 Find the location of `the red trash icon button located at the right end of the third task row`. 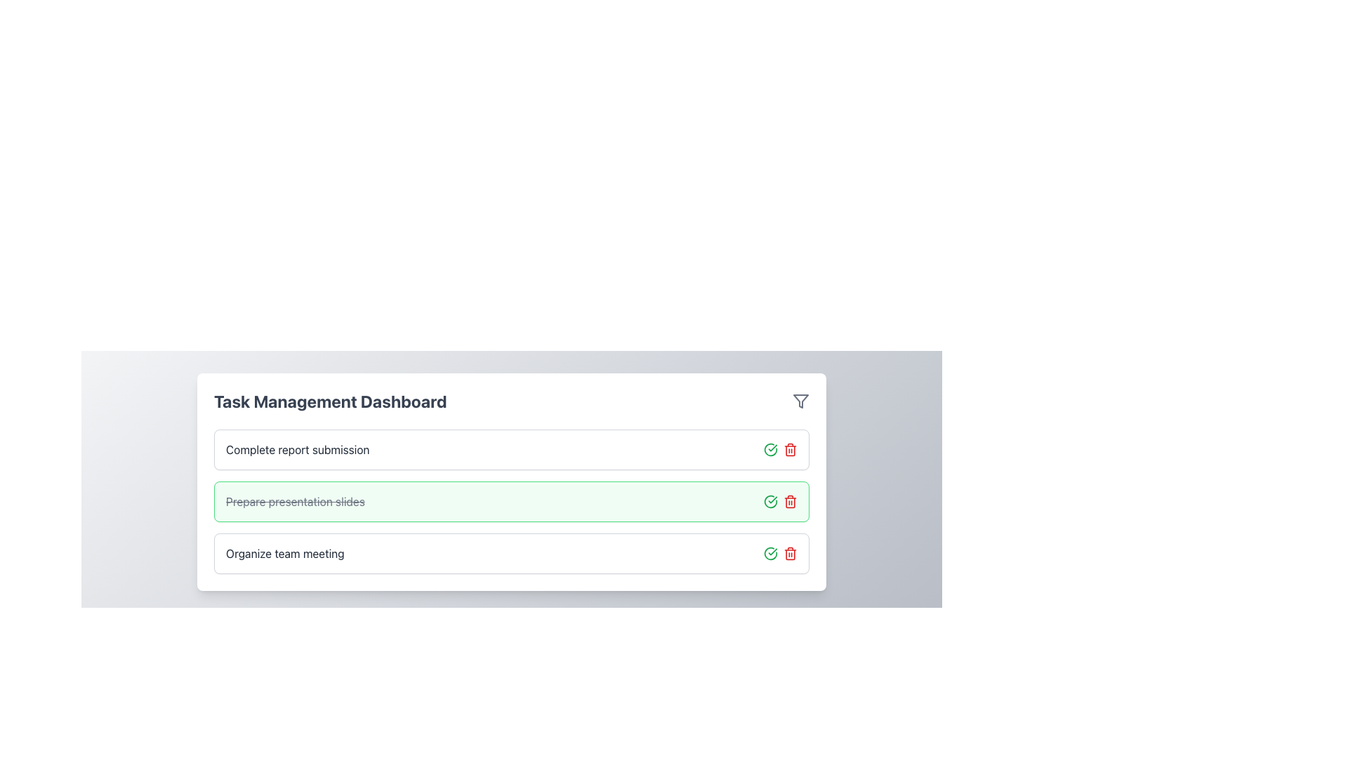

the red trash icon button located at the right end of the third task row is located at coordinates (791, 553).